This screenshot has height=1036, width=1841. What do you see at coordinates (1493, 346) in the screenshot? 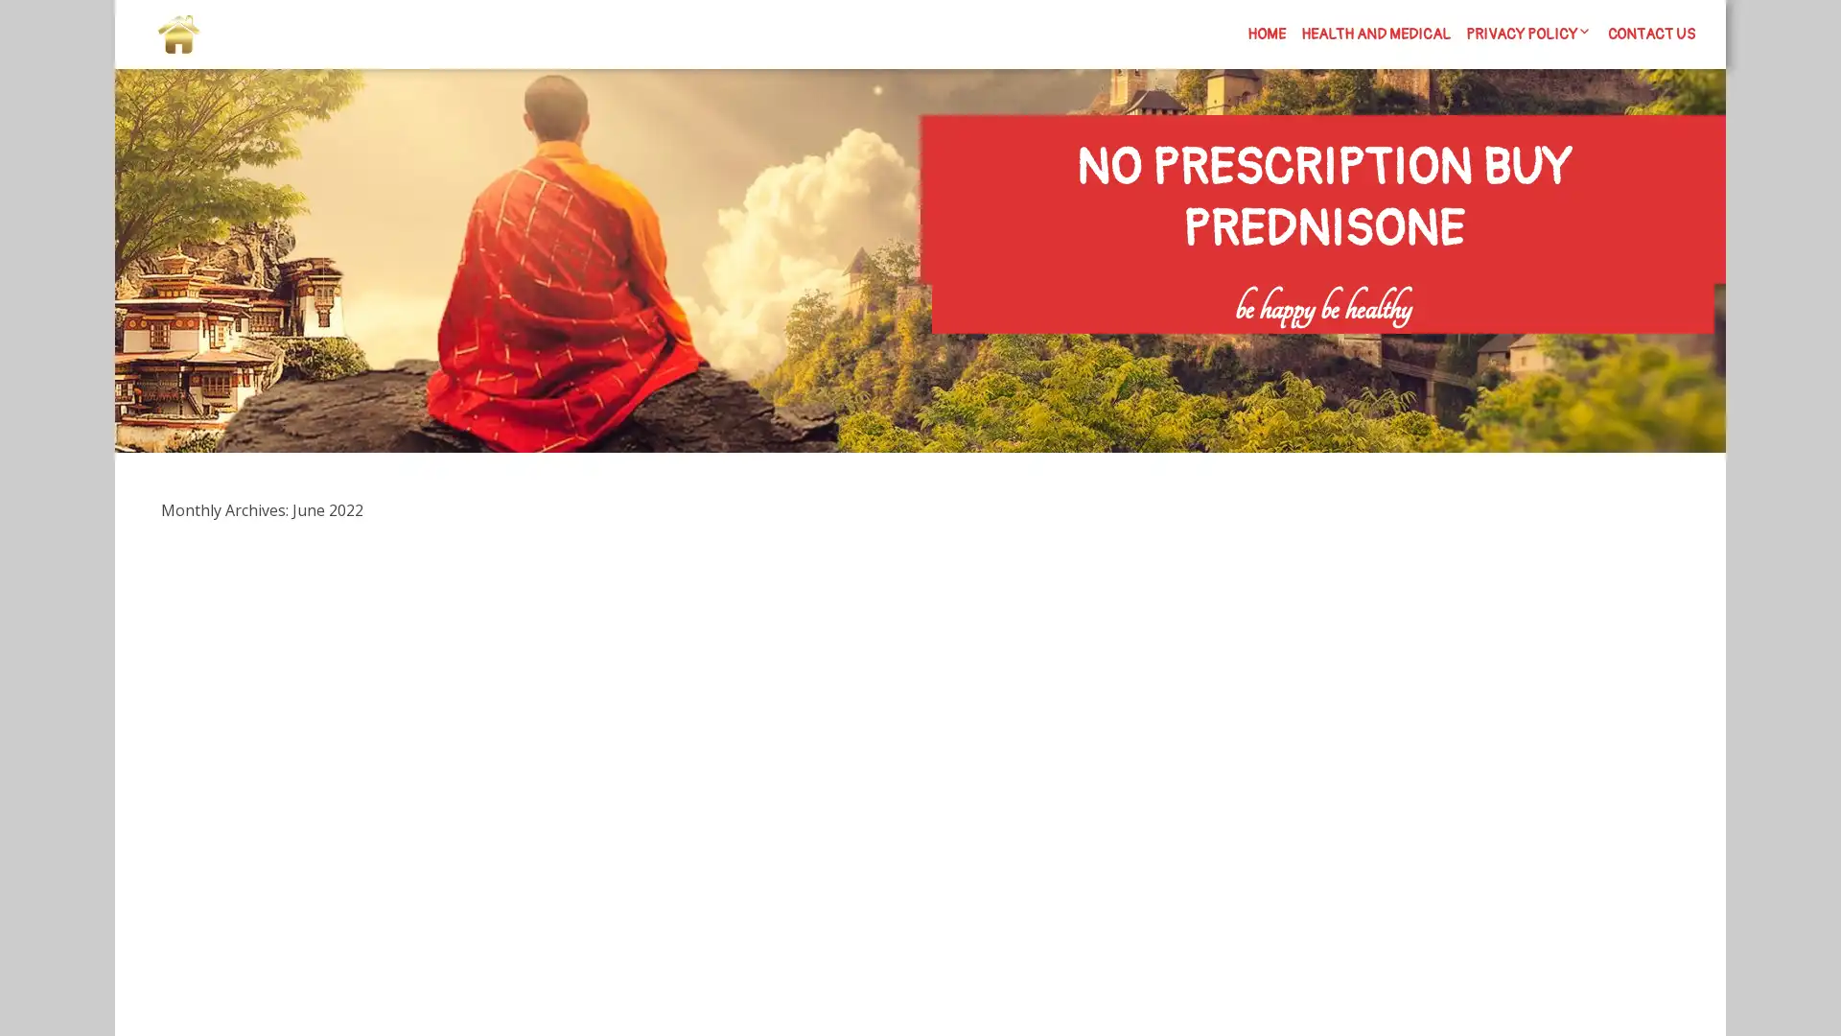
I see `Search` at bounding box center [1493, 346].